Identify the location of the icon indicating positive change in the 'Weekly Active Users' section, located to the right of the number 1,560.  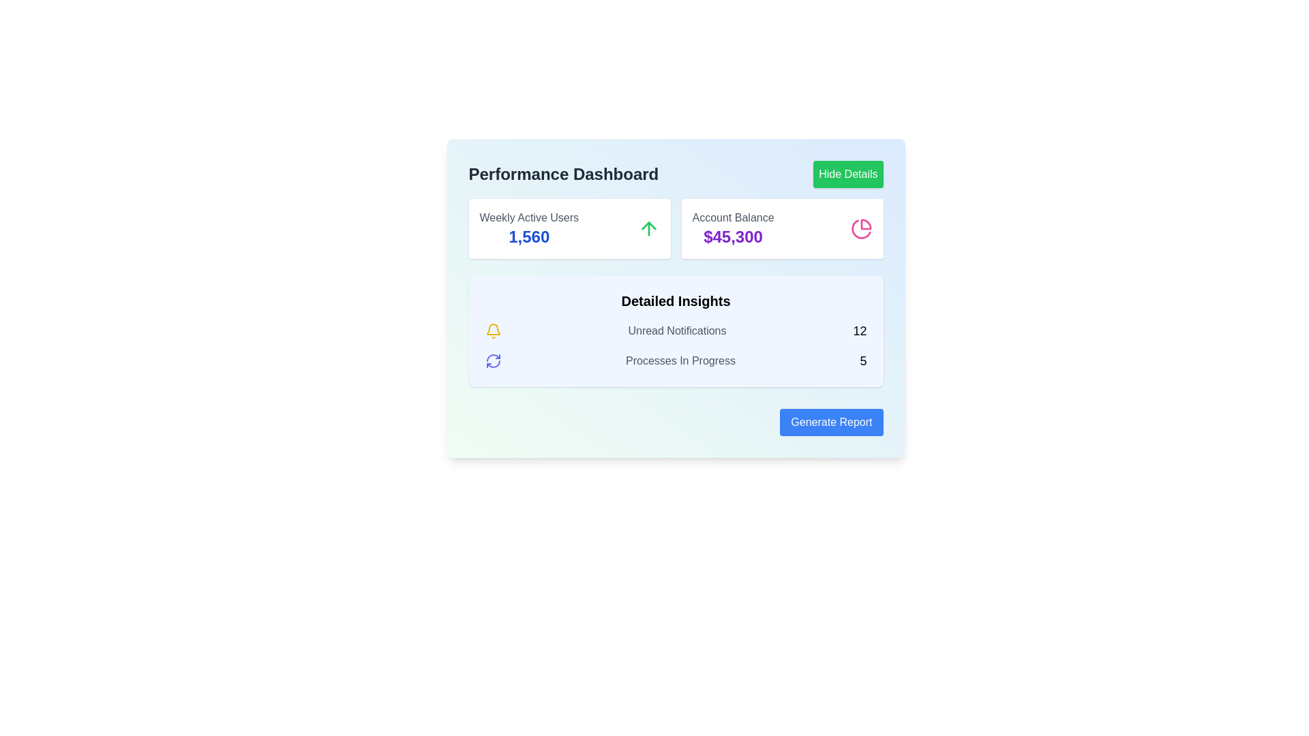
(648, 228).